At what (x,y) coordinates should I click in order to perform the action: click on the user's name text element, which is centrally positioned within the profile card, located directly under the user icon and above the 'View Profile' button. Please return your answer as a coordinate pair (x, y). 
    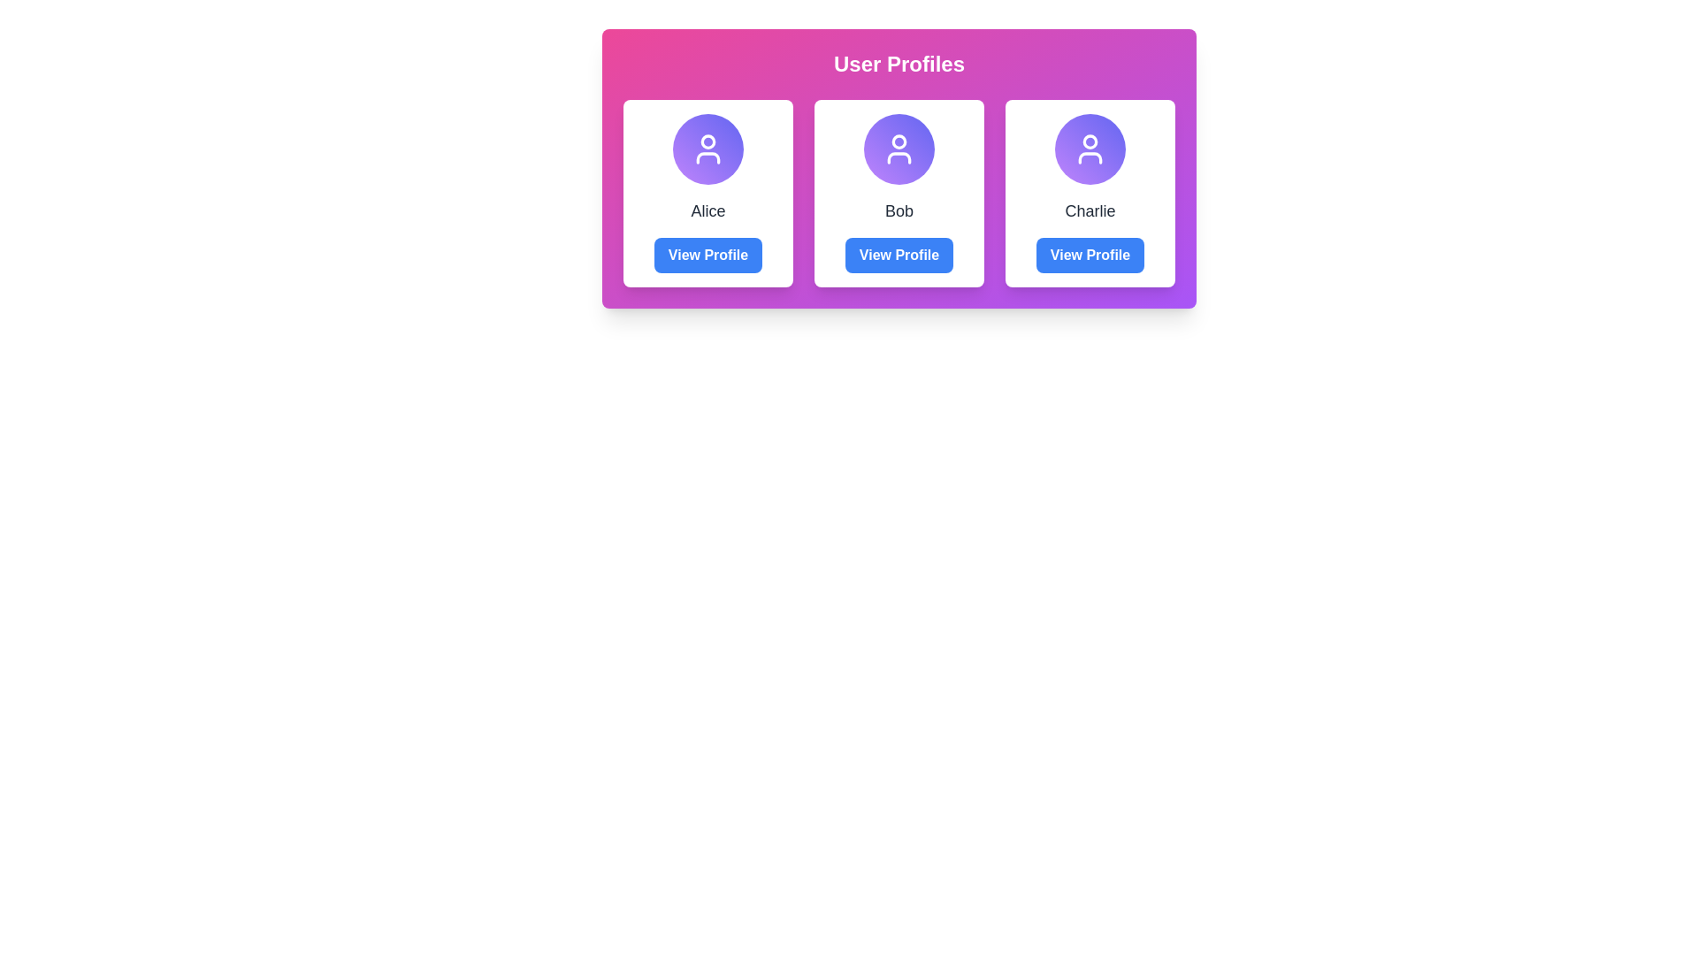
    Looking at the image, I should click on (708, 210).